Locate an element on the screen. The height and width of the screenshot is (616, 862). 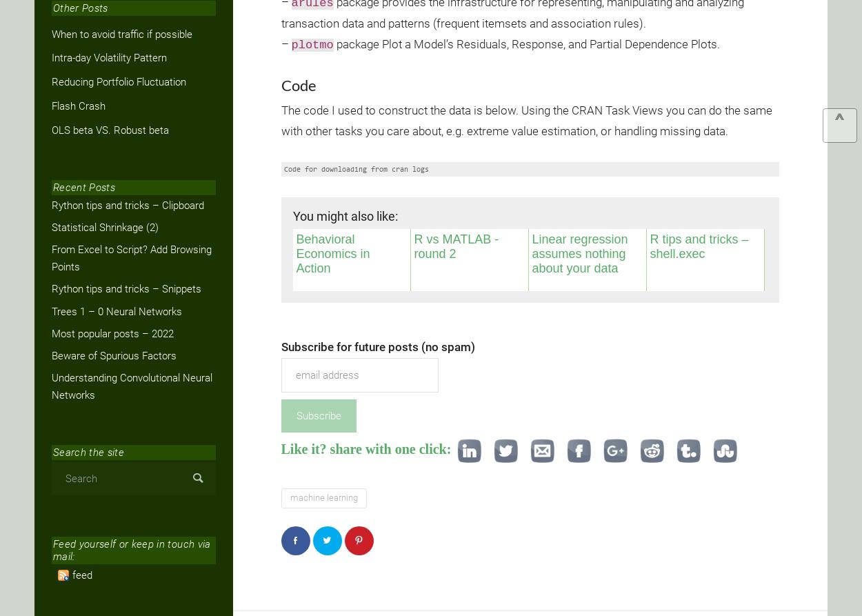
'Trees 1 – 0 Neural Networks' is located at coordinates (117, 310).